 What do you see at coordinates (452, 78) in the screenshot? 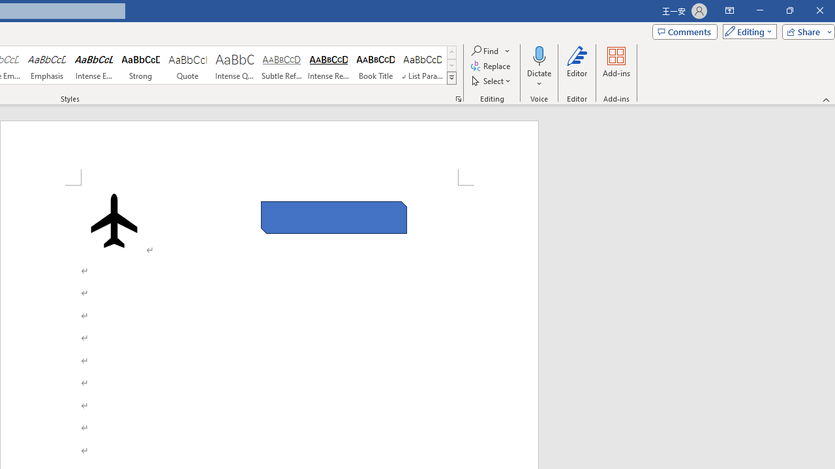
I see `'Class: NetUIImage'` at bounding box center [452, 78].